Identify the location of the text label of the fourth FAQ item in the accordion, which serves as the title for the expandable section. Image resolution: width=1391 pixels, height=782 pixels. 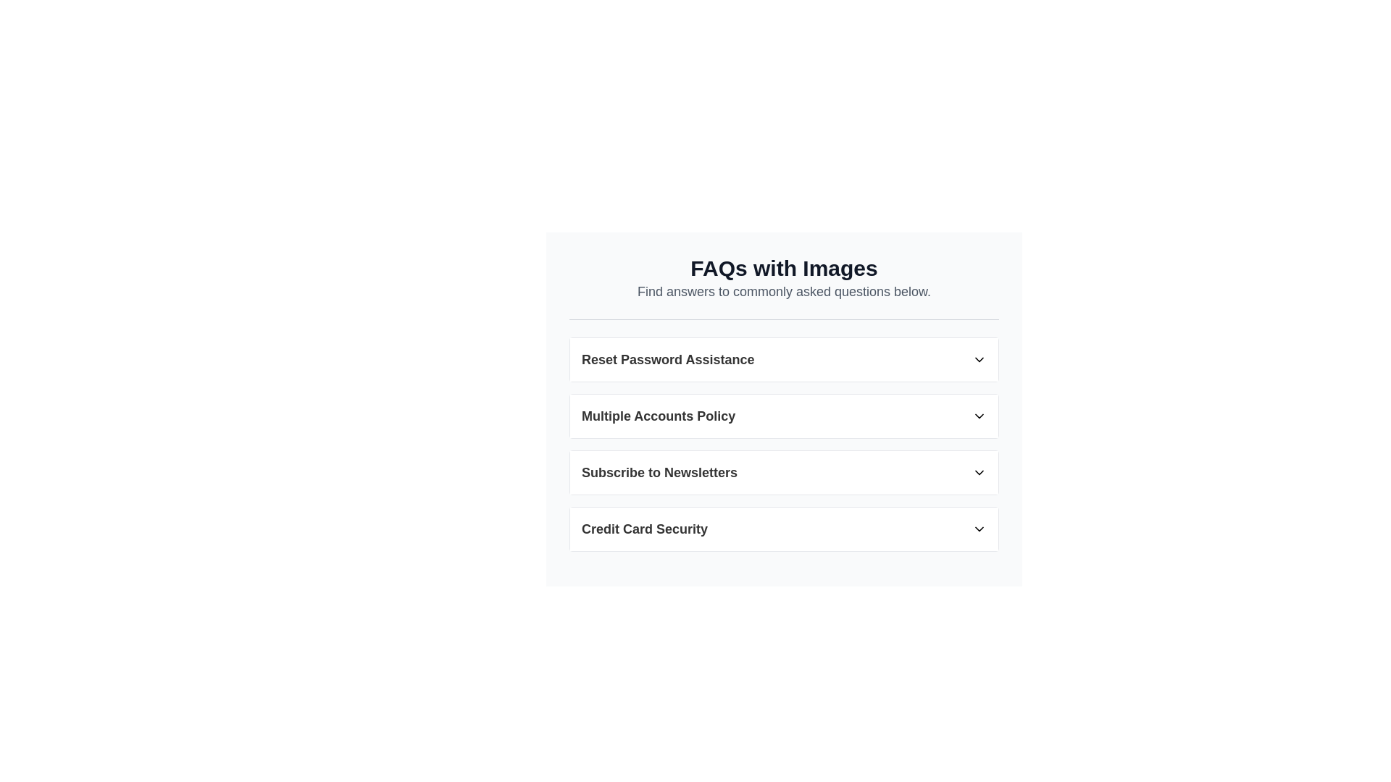
(644, 529).